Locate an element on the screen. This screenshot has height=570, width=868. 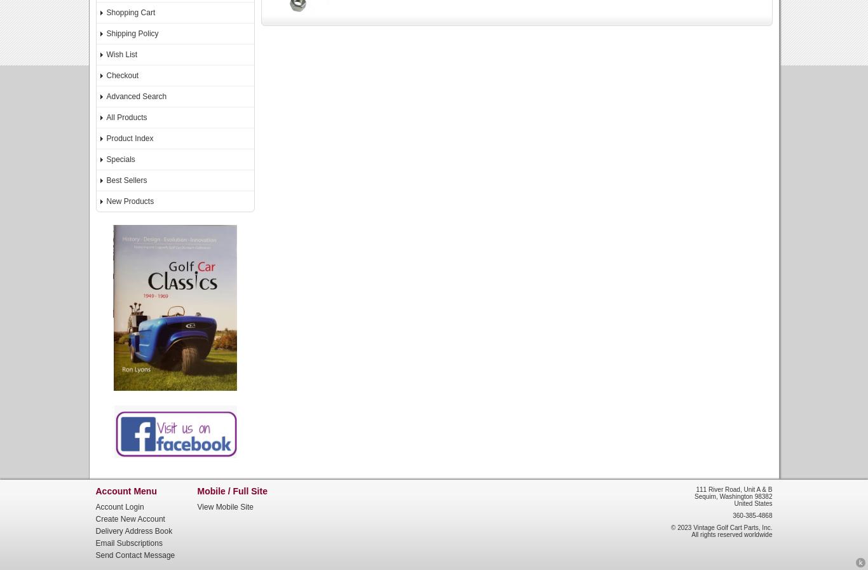
'View Mobile Site' is located at coordinates (224, 506).